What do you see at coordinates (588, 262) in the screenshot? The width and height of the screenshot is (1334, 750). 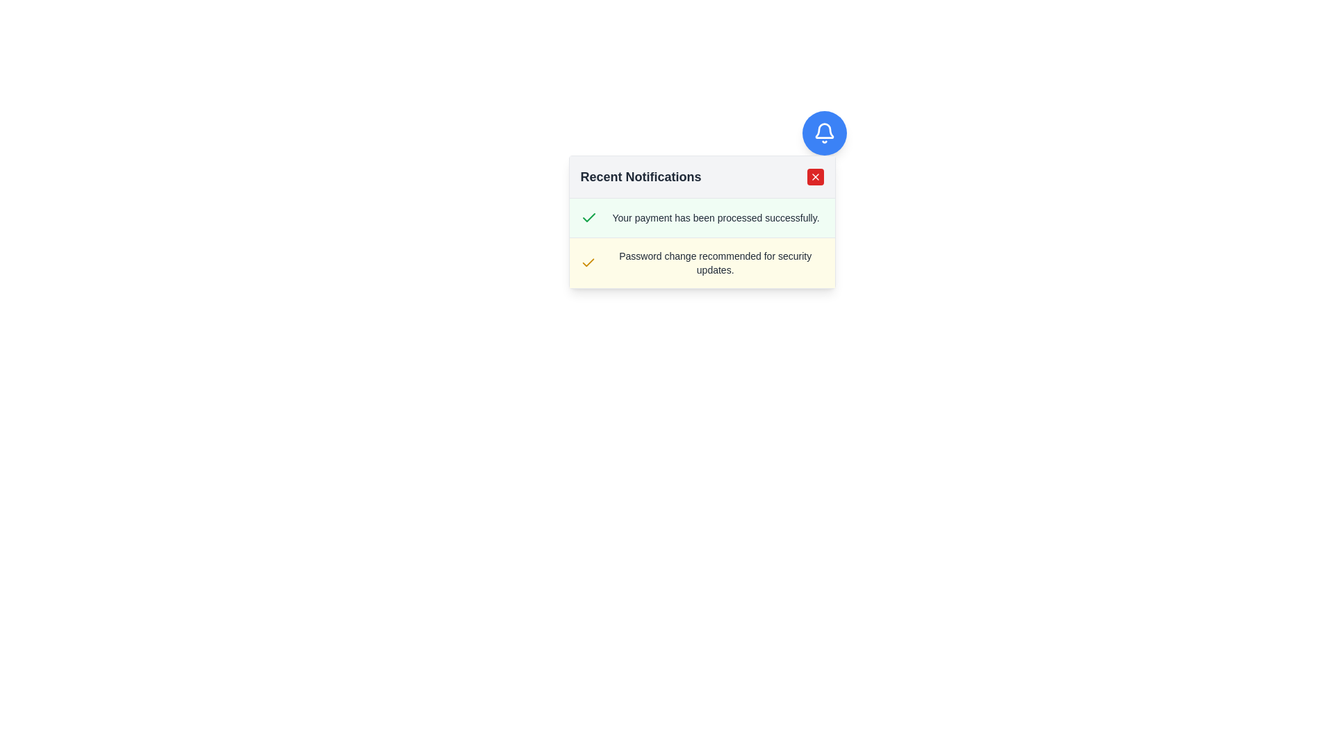 I see `the checkmark icon located in the top-left corner of the 'Recent Notifications' box, which indicates the success of the payment processing message` at bounding box center [588, 262].